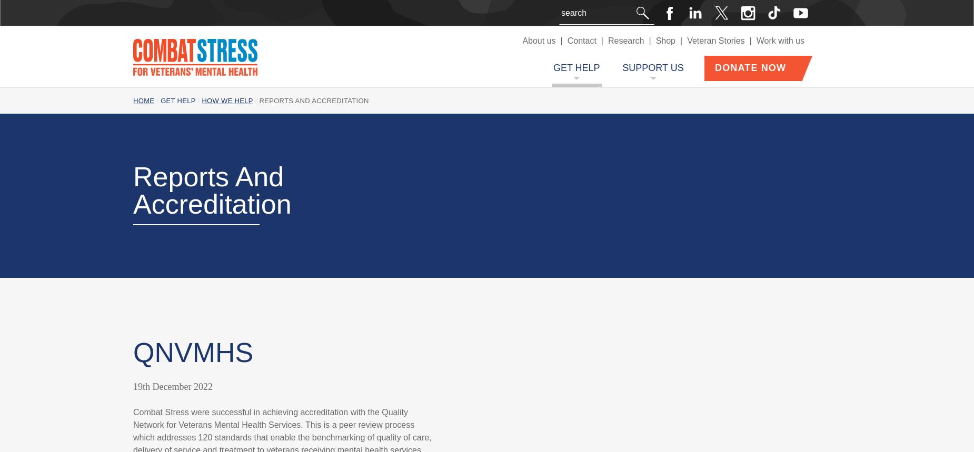 The image size is (974, 452). What do you see at coordinates (172, 386) in the screenshot?
I see `'19th December 2022'` at bounding box center [172, 386].